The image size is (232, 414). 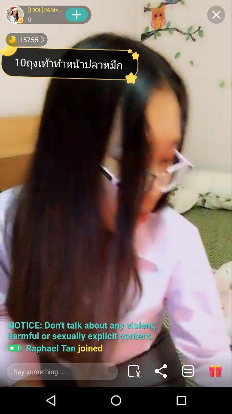 What do you see at coordinates (161, 370) in the screenshot?
I see `the share icon` at bounding box center [161, 370].